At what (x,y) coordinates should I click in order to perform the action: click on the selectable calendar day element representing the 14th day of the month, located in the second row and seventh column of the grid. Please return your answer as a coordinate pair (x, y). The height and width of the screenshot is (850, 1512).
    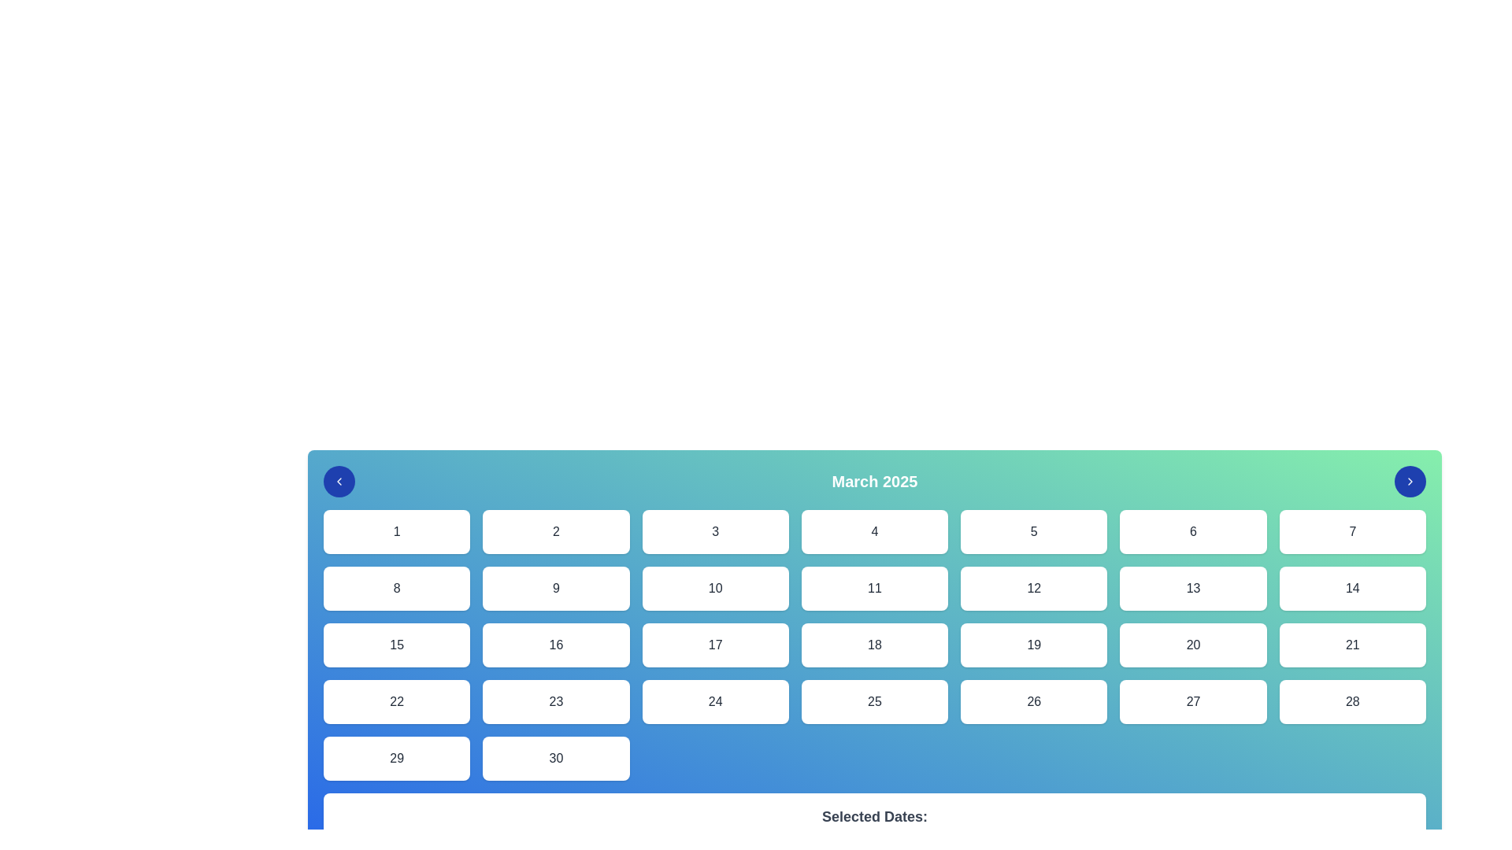
    Looking at the image, I should click on (1351, 589).